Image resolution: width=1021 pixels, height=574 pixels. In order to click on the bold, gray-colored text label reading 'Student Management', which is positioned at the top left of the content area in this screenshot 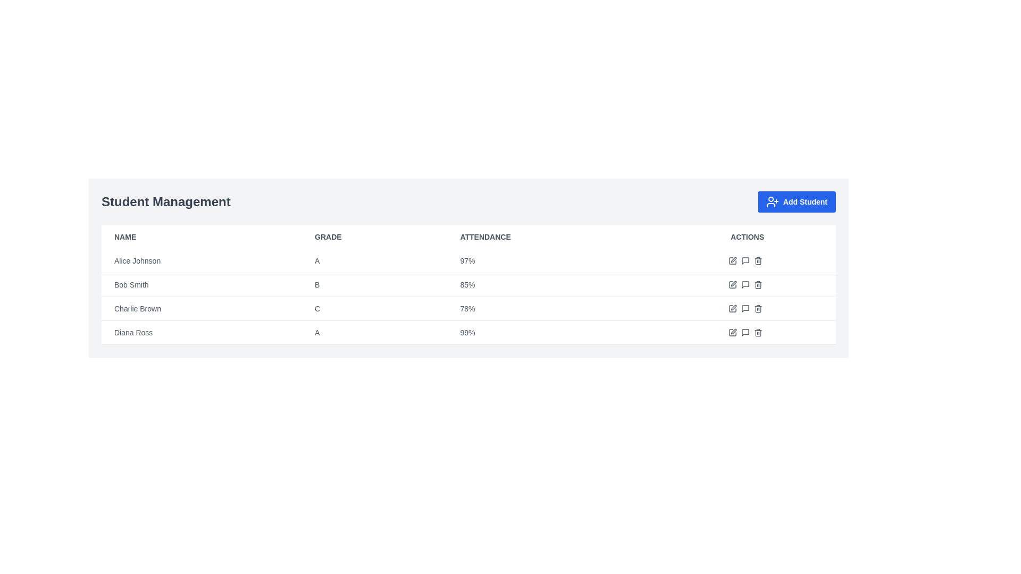, I will do `click(165, 202)`.